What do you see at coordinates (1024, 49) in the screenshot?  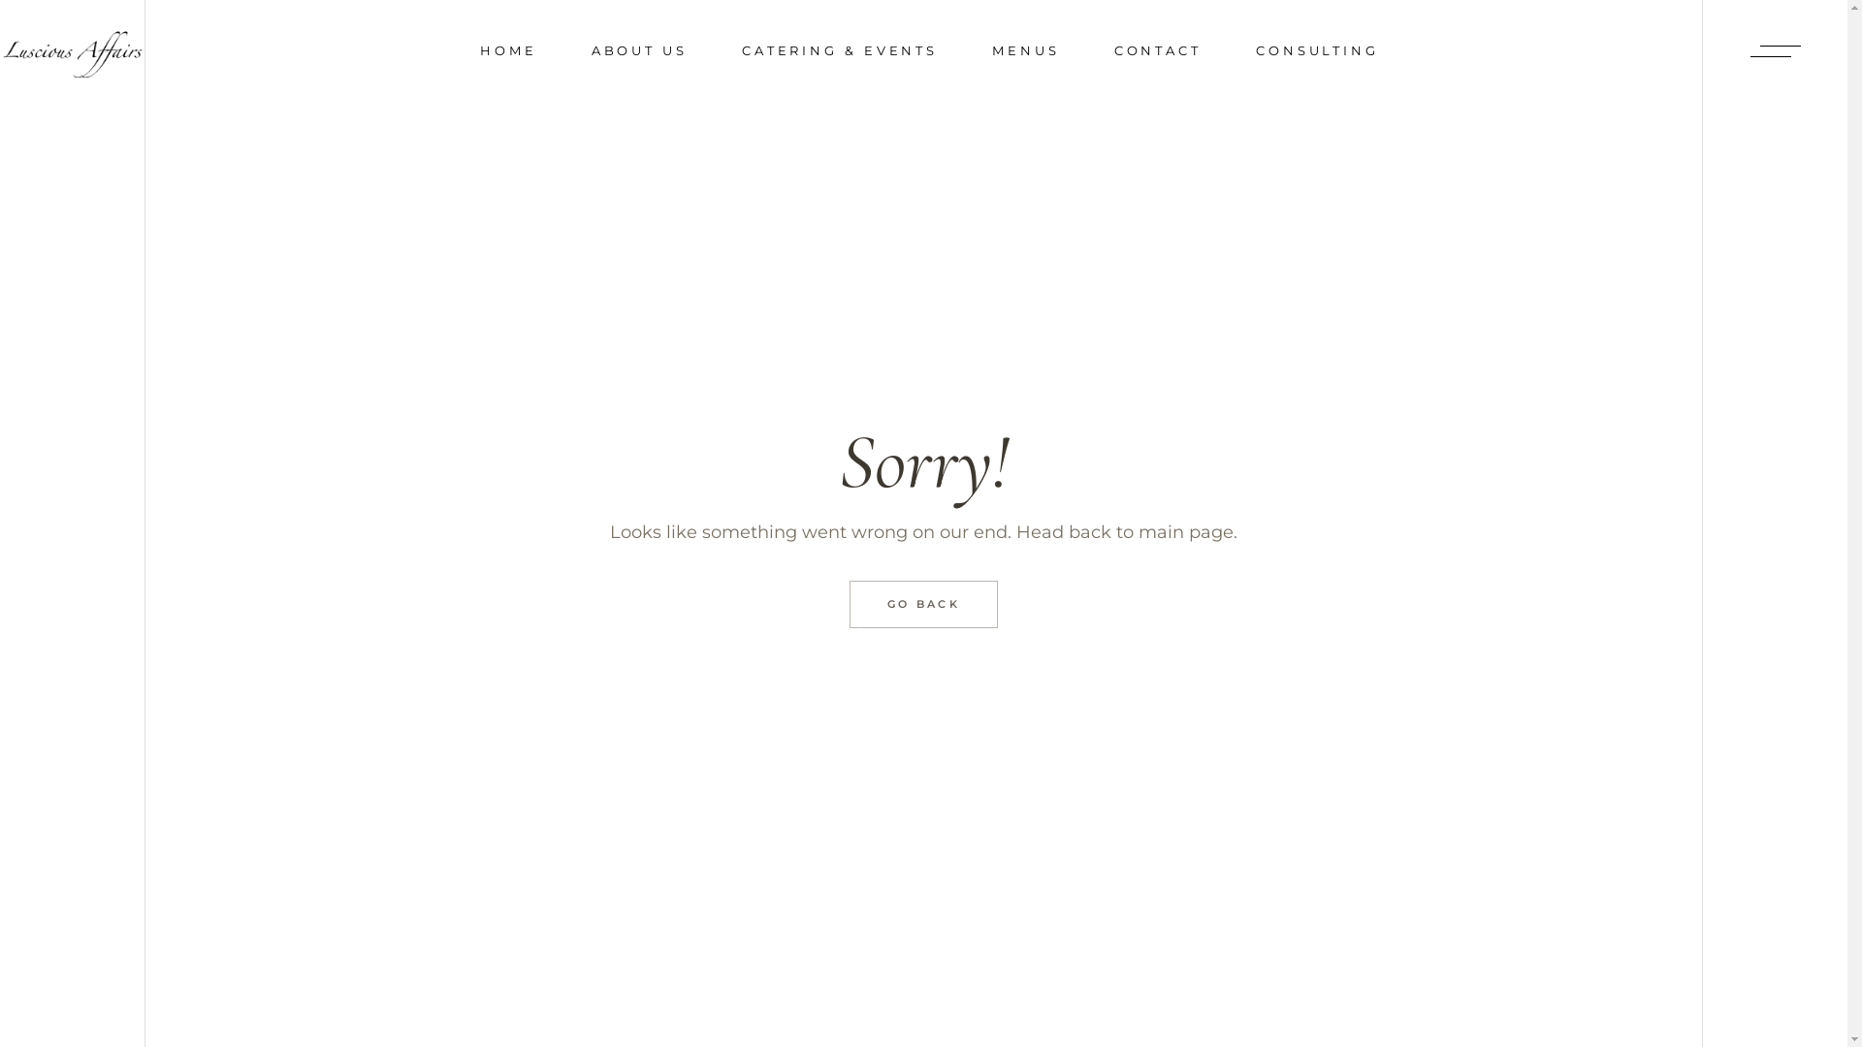 I see `'MENUS'` at bounding box center [1024, 49].